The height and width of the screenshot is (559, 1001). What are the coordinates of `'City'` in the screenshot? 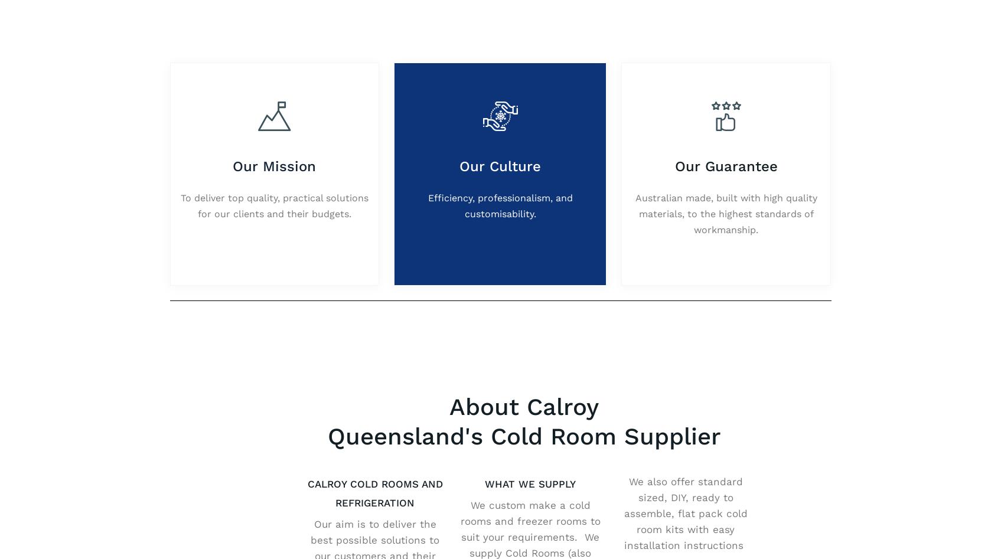 It's located at (297, 202).